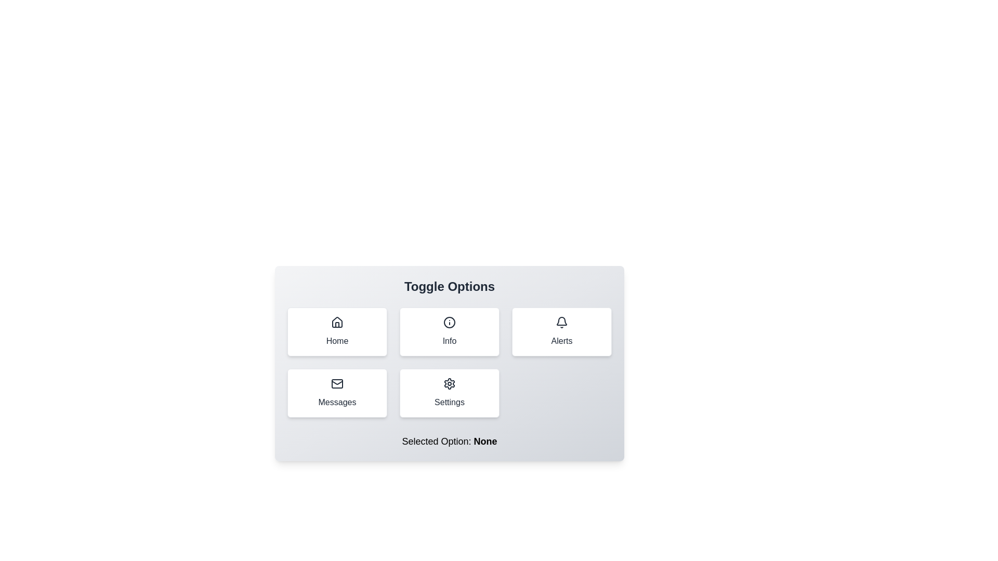  I want to click on the house icon located within the 'Home' button at the top-left corner of the button, so click(337, 322).